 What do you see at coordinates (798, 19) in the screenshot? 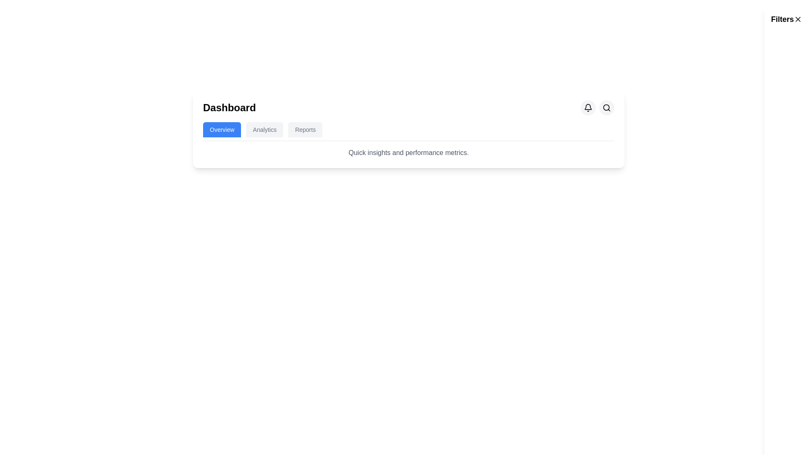
I see `the circular close button with an 'X' shape, located to the right of the 'Filters' text in the header section` at bounding box center [798, 19].